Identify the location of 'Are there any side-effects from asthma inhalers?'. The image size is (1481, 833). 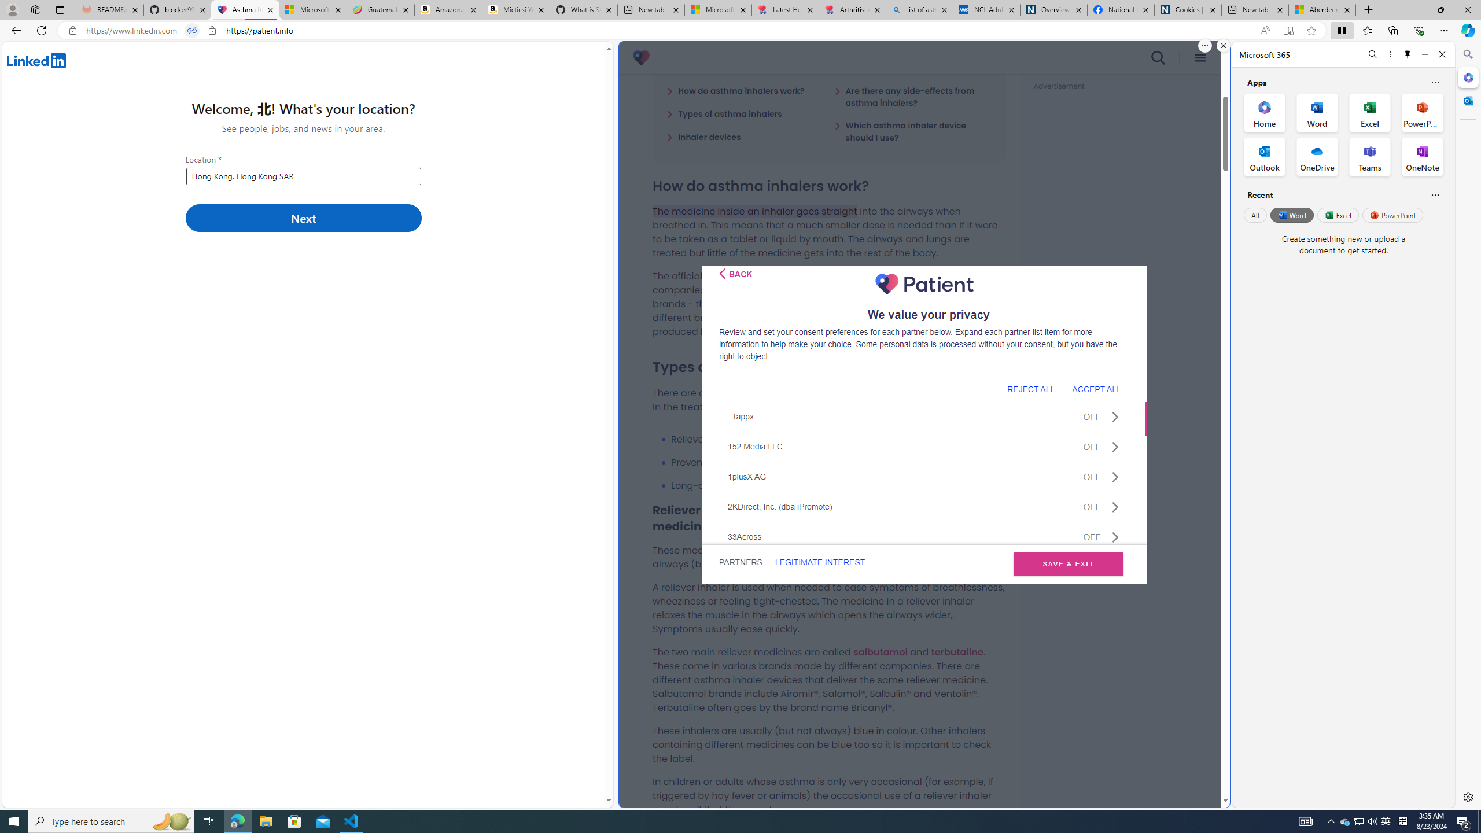
(912, 96).